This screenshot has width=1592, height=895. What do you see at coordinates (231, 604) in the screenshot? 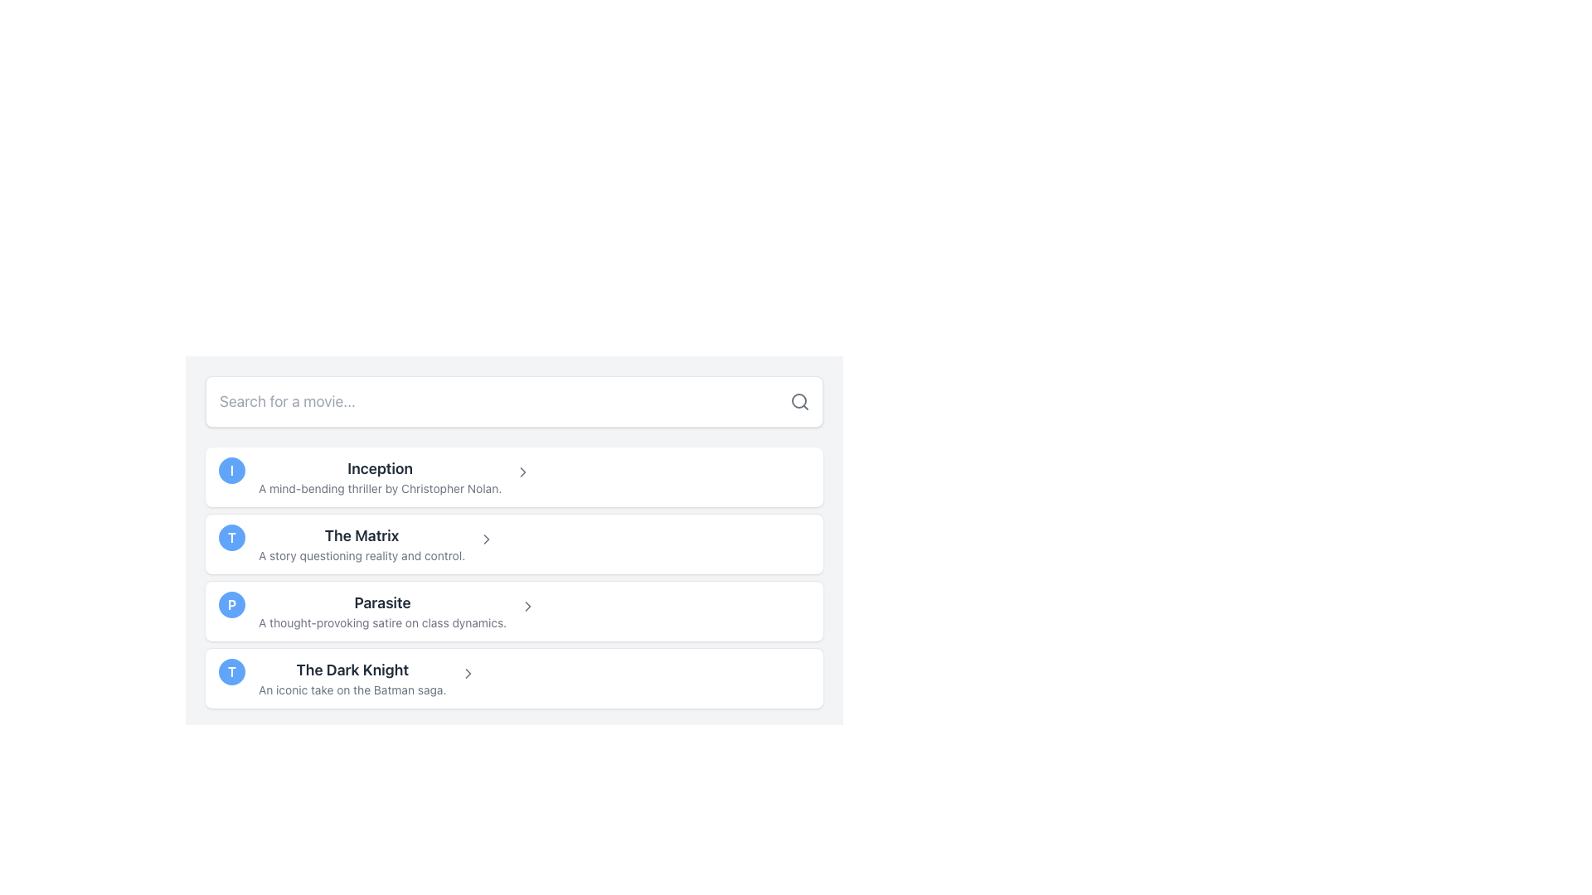
I see `the circular blue badge with a white outline and the letter 'P' that is positioned to the left of the movie title 'Parasite'` at bounding box center [231, 604].